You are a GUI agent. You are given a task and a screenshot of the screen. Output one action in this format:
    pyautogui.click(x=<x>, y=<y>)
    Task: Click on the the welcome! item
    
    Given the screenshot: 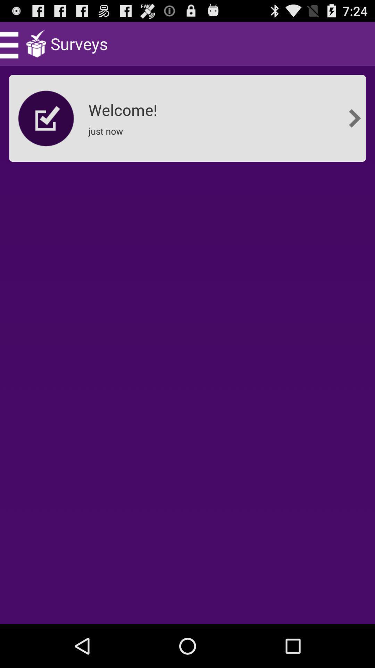 What is the action you would take?
    pyautogui.click(x=124, y=107)
    